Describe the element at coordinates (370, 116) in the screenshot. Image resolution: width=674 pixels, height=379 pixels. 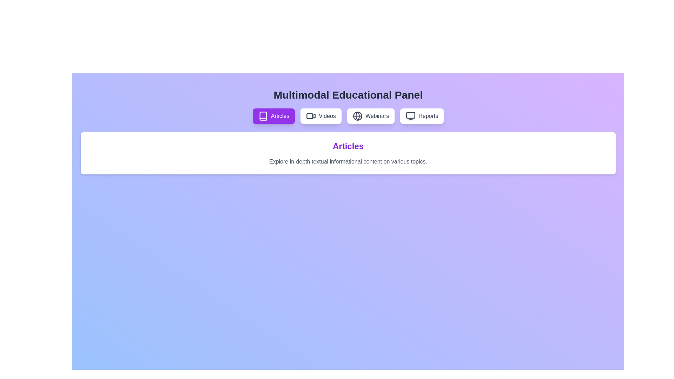
I see `the 'Webinars' button, which is the third button in a row of four, featuring a globe icon and gray text on a white background` at that location.